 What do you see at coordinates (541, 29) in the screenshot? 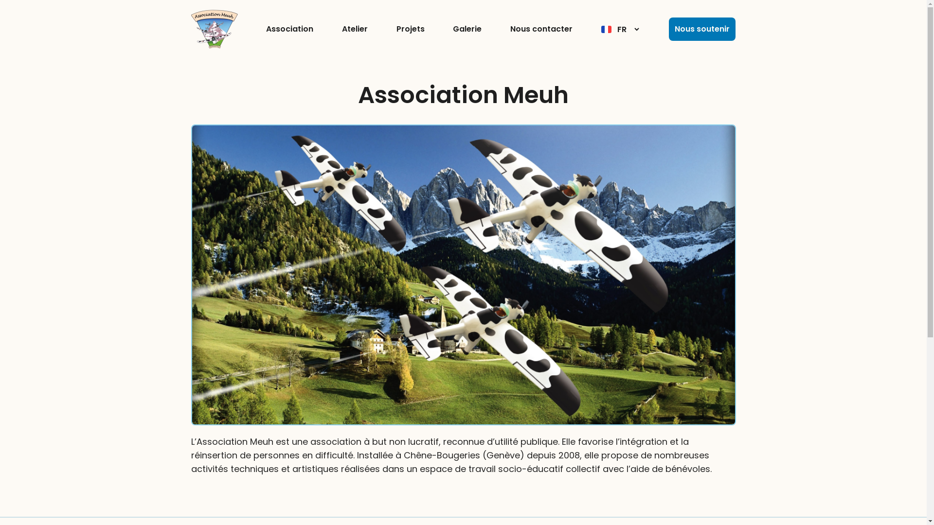
I see `'Nous contacter'` at bounding box center [541, 29].